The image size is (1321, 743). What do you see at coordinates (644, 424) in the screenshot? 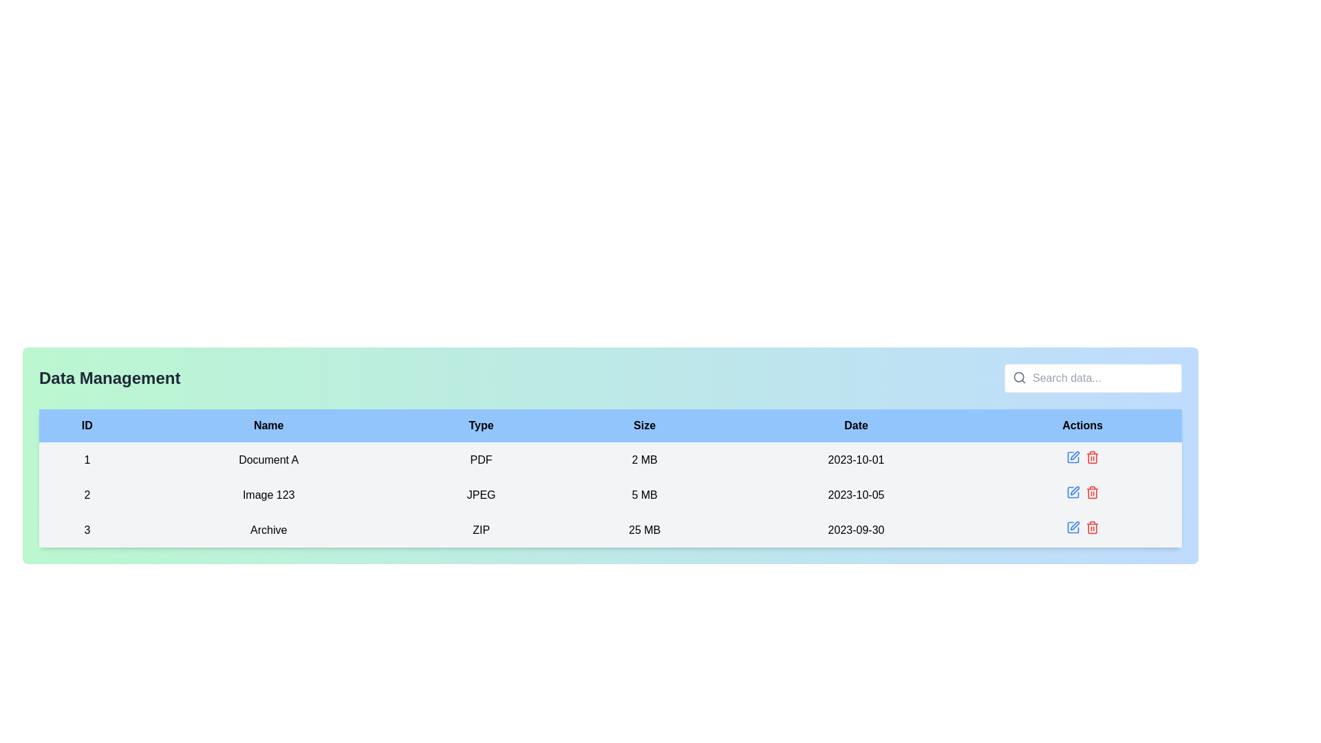
I see `the 'Size' column header in the table, which is the fourth header between 'Type' and 'Date'` at bounding box center [644, 424].